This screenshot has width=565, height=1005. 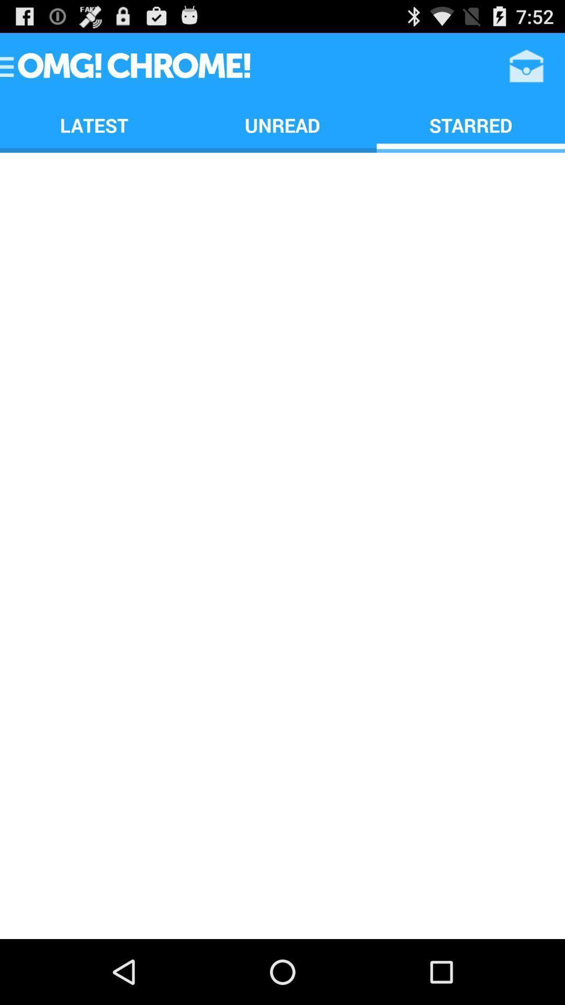 What do you see at coordinates (282, 125) in the screenshot?
I see `the unread` at bounding box center [282, 125].